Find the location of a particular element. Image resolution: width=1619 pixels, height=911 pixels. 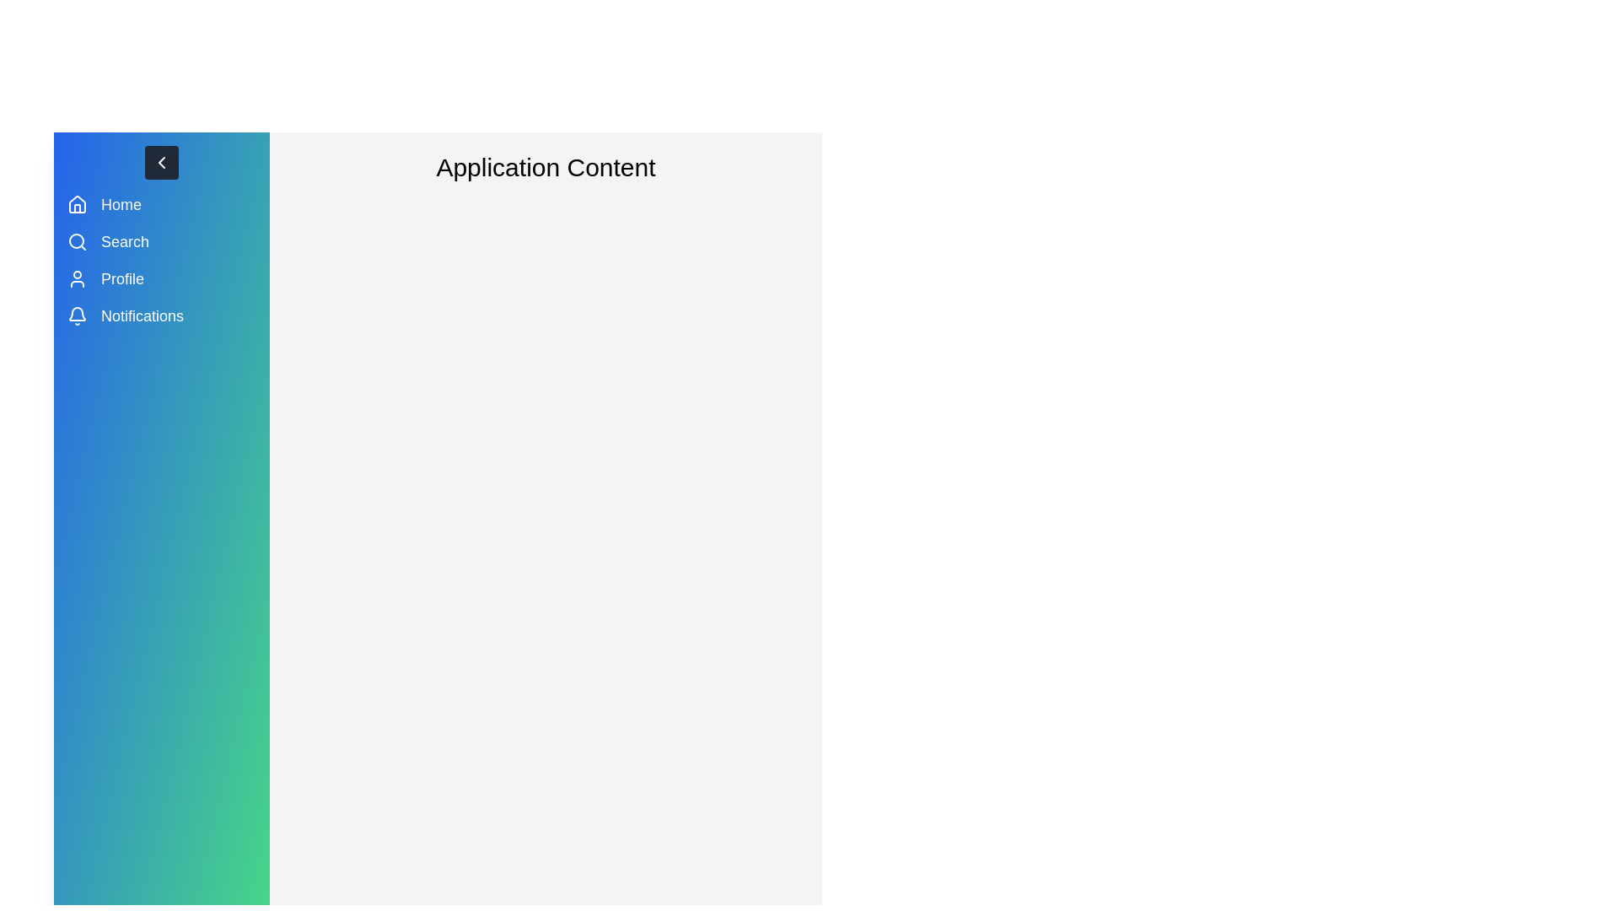

the toggle button to toggle the drawer state is located at coordinates (162, 162).